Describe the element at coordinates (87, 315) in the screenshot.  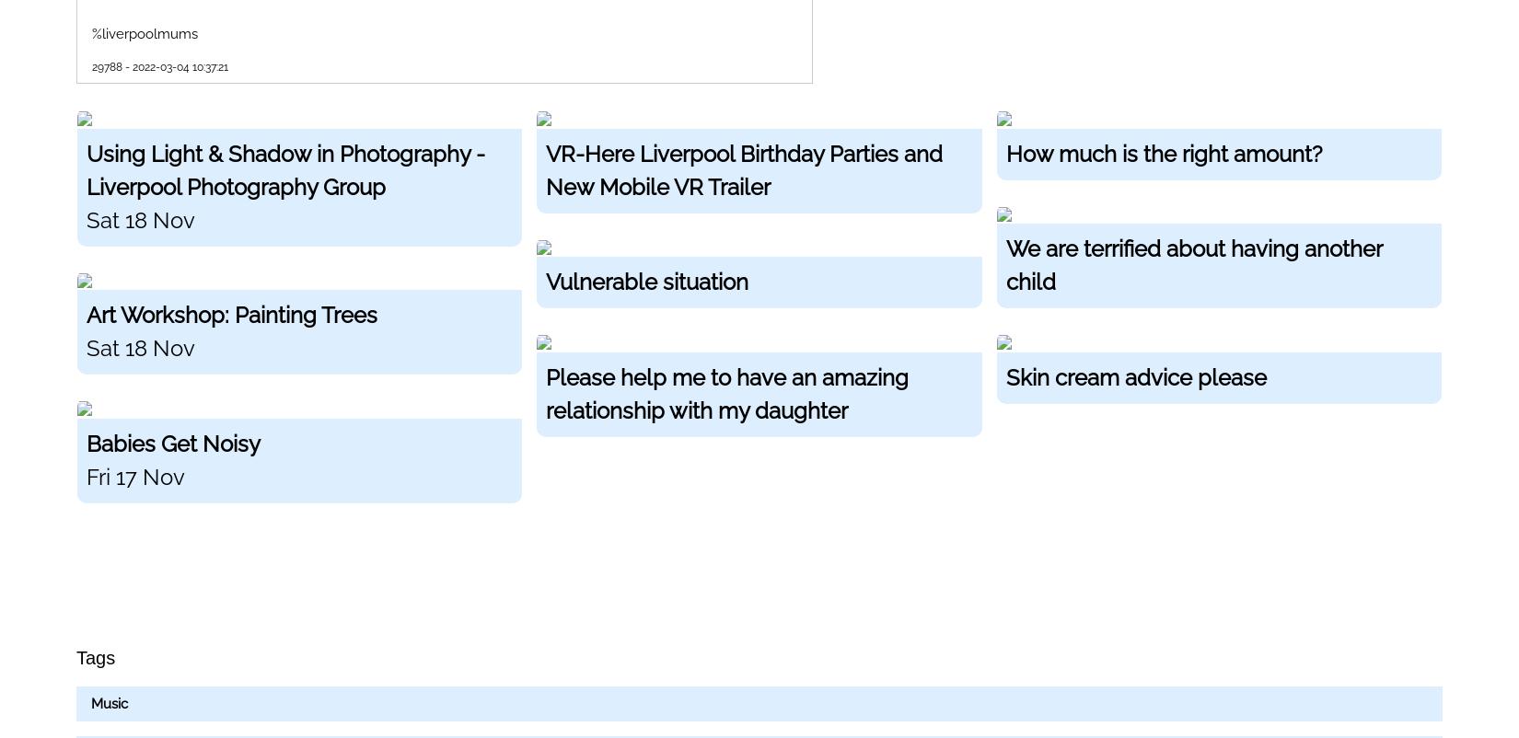
I see `'Art Workshop: Painting Trees'` at that location.